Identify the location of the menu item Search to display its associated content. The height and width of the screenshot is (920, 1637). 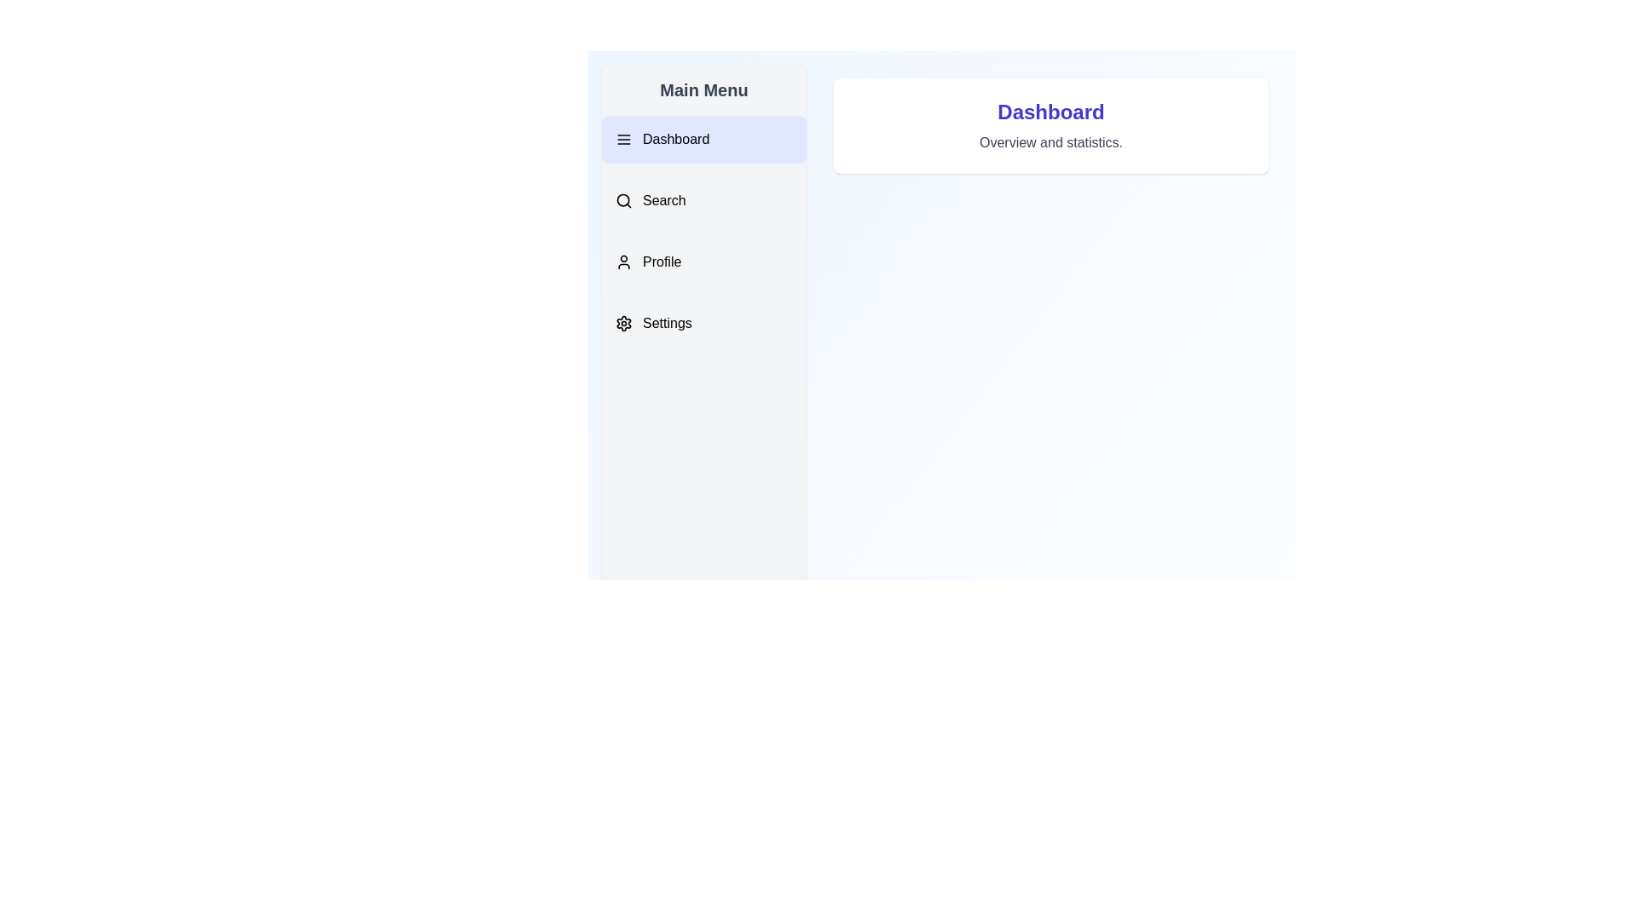
(703, 199).